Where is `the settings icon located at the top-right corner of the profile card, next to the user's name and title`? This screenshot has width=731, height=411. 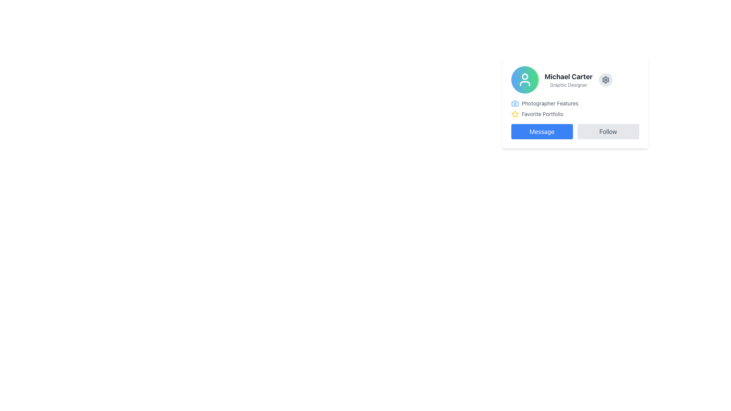
the settings icon located at the top-right corner of the profile card, next to the user's name and title is located at coordinates (605, 80).